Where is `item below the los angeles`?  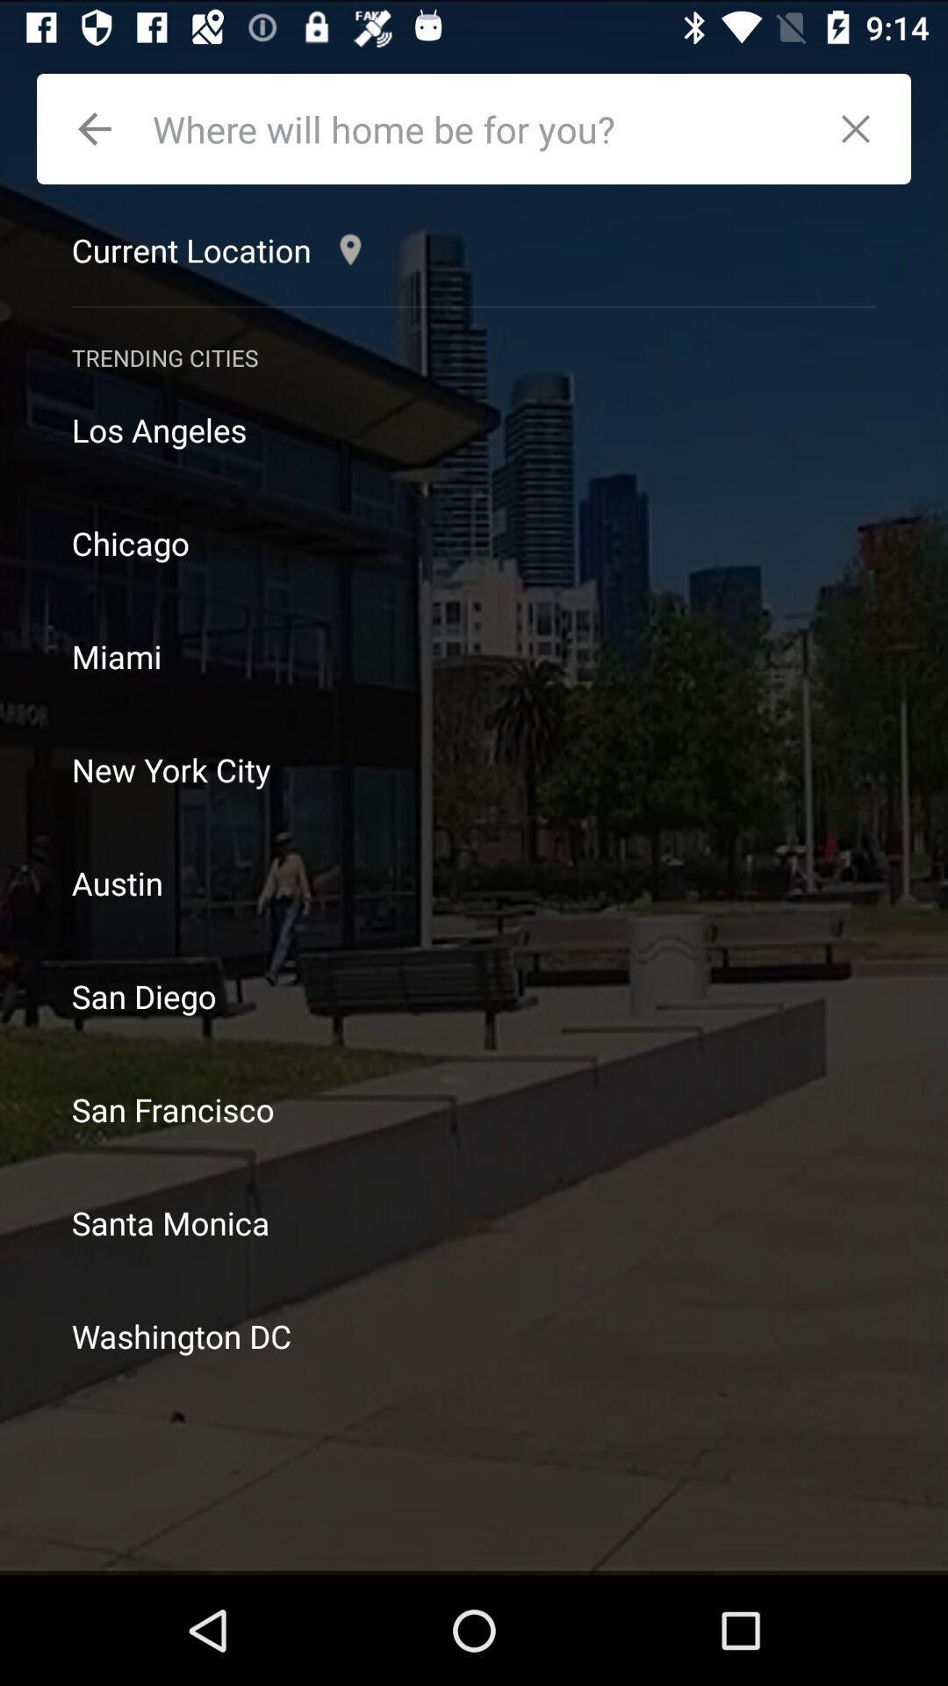 item below the los angeles is located at coordinates (474, 542).